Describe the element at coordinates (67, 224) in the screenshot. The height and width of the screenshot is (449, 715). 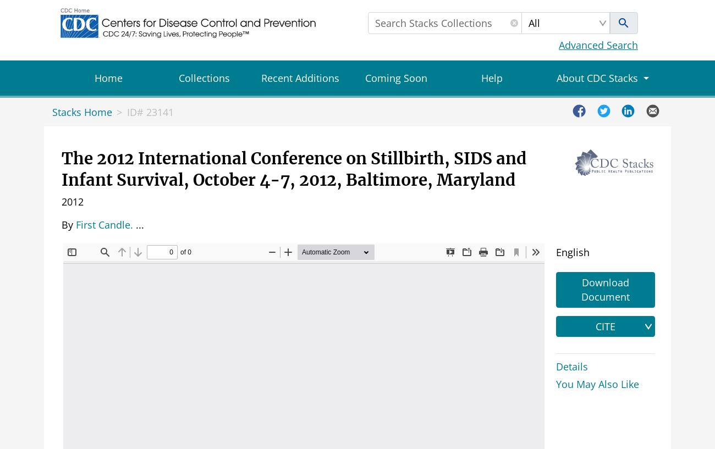
I see `'By'` at that location.